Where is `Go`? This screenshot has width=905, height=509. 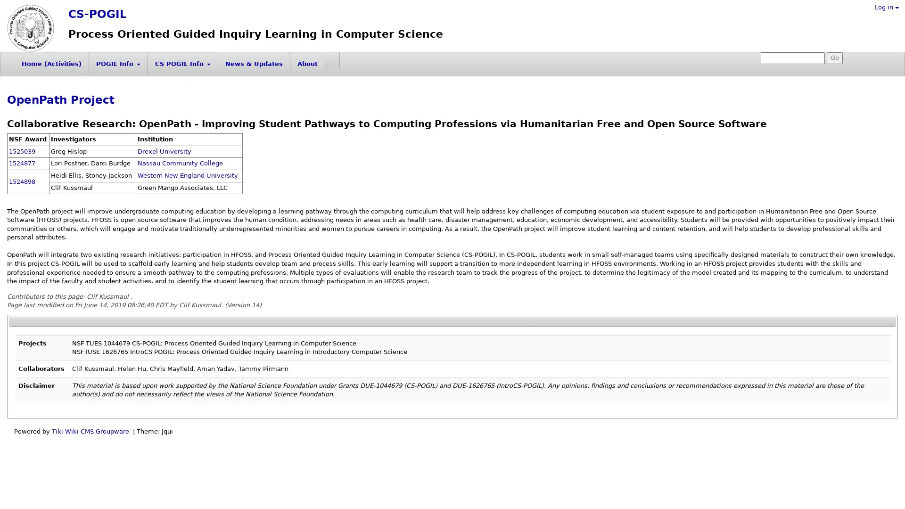
Go is located at coordinates (835, 58).